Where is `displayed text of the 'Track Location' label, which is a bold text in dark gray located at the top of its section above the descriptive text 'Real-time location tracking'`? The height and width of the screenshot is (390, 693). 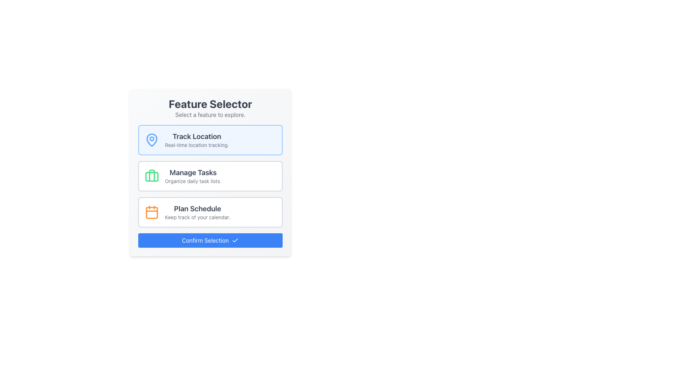
displayed text of the 'Track Location' label, which is a bold text in dark gray located at the top of its section above the descriptive text 'Real-time location tracking' is located at coordinates (197, 136).